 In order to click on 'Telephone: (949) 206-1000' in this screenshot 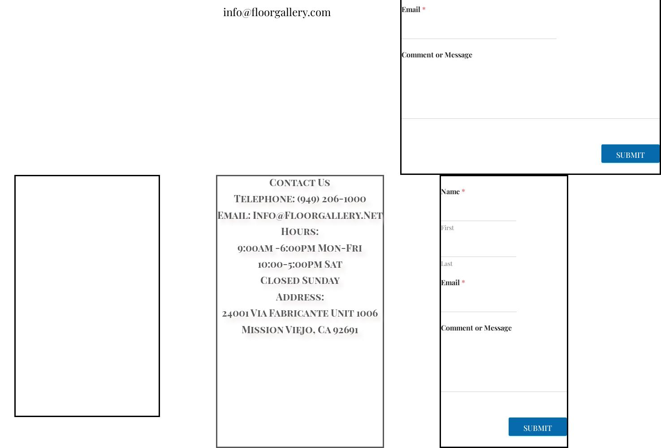, I will do `click(299, 197)`.